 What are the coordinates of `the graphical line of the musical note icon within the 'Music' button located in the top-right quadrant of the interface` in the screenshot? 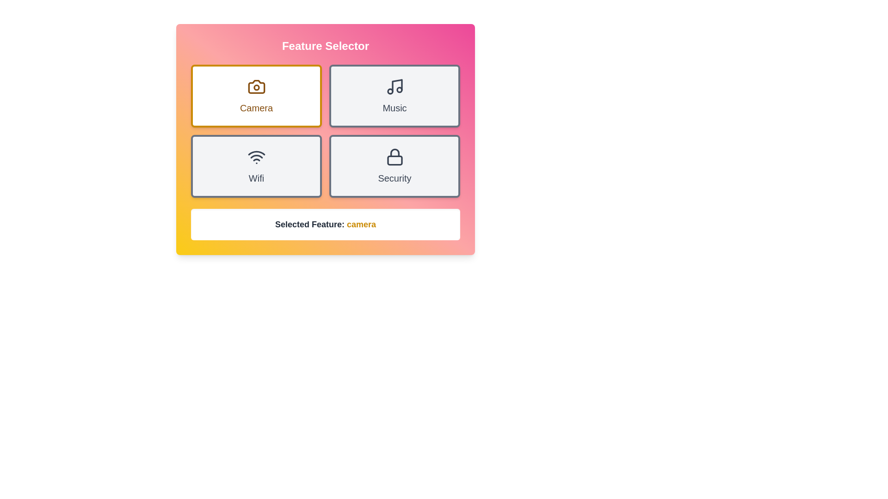 It's located at (397, 85).